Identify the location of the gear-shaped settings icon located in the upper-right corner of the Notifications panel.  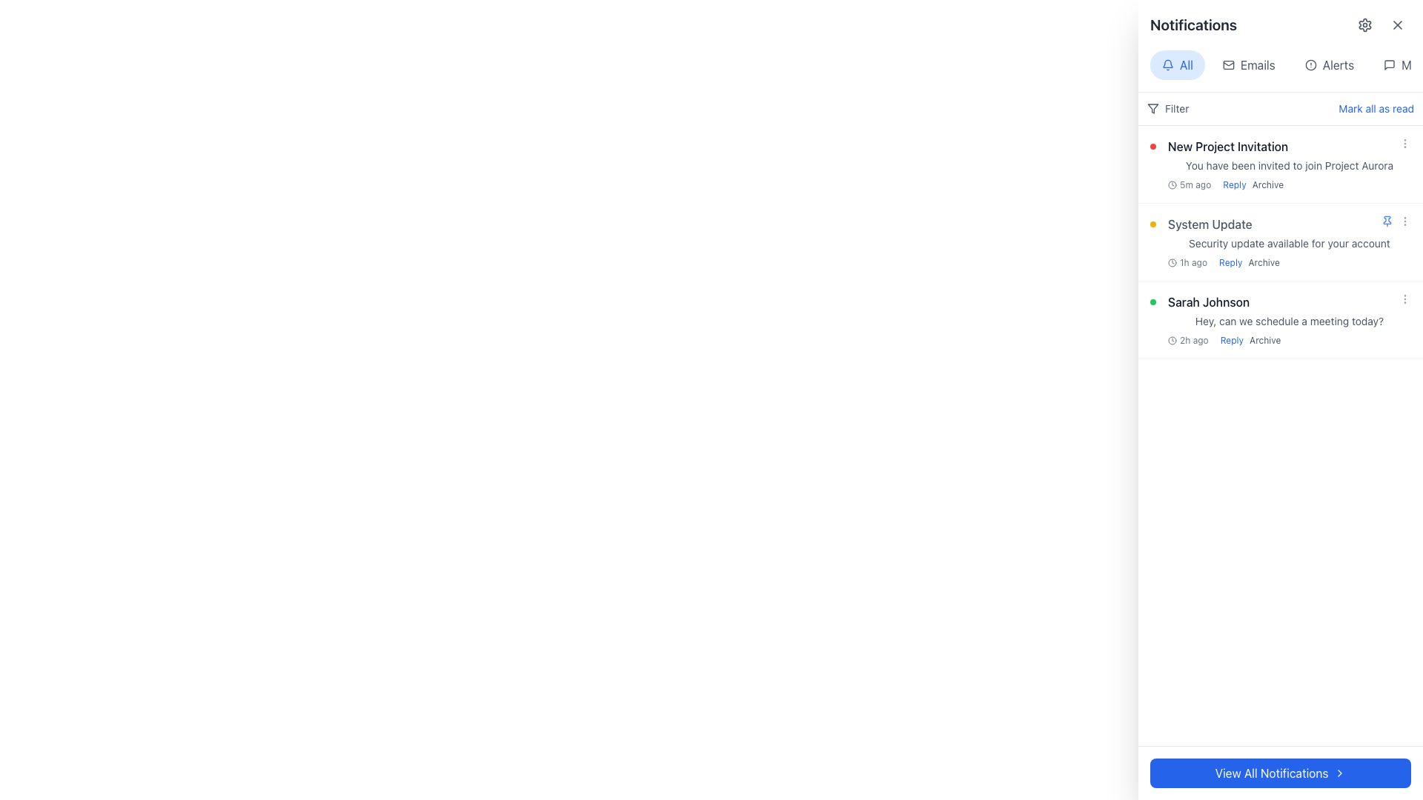
(1364, 25).